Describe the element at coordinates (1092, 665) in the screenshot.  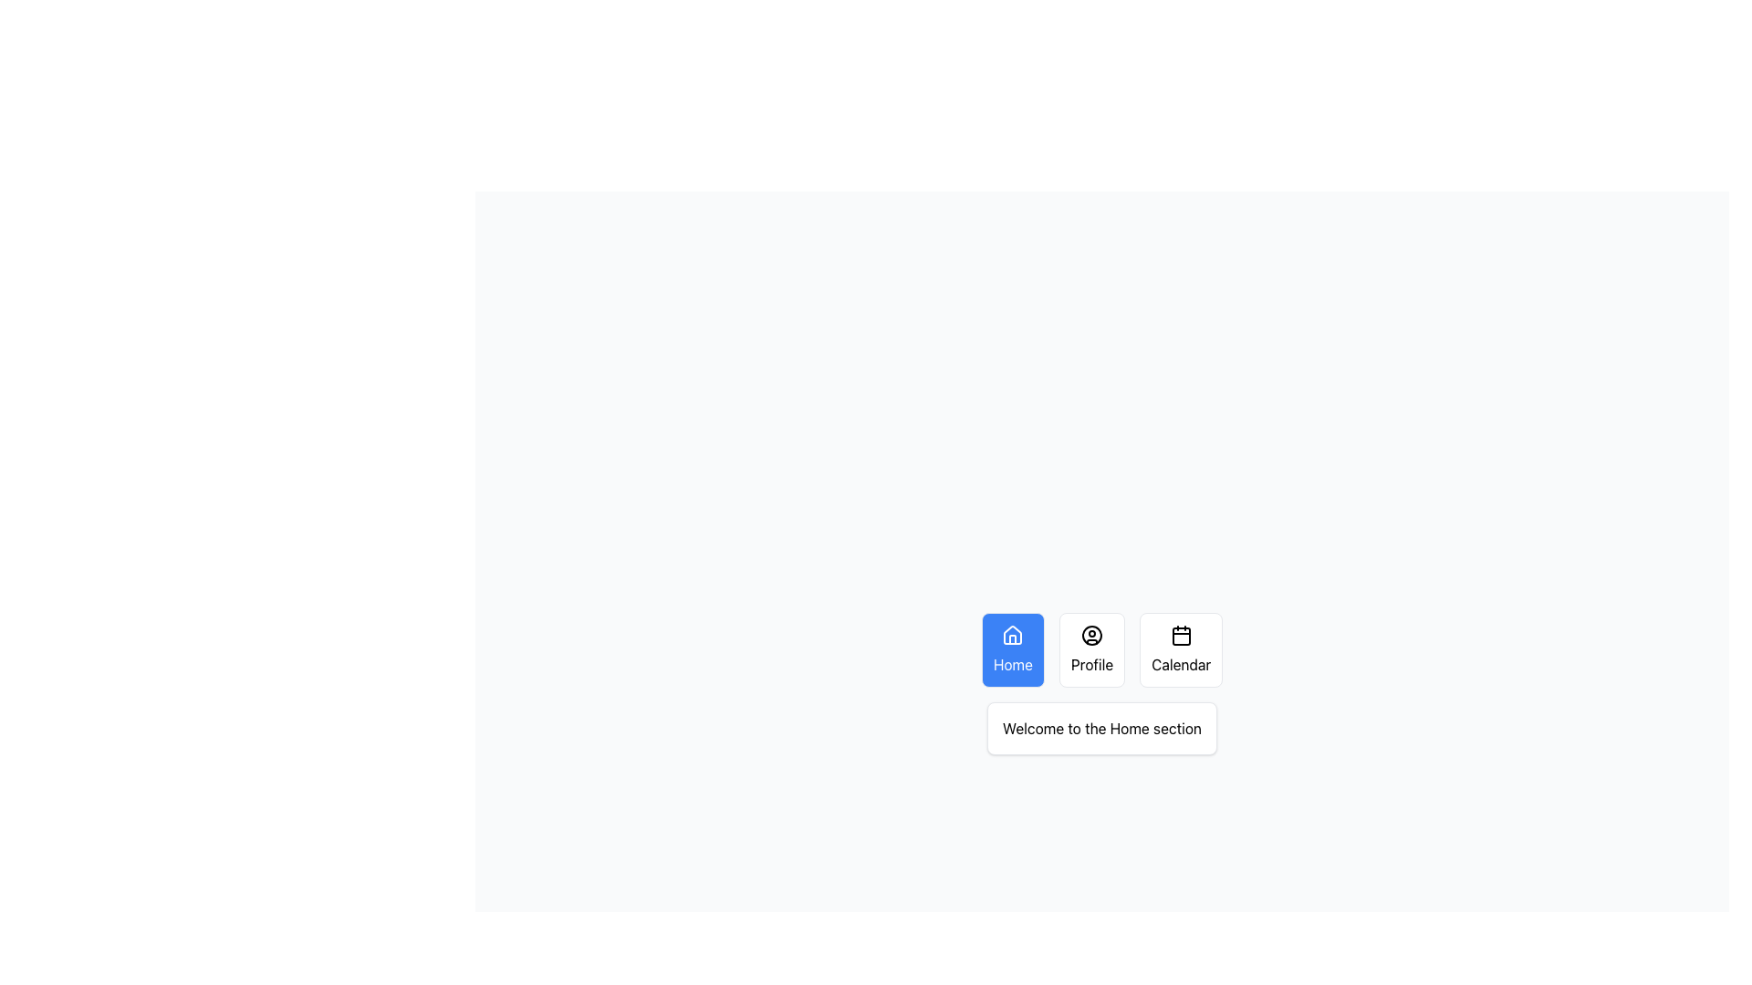
I see `the 'Profile' text label which indicates its function as a navigation option` at that location.